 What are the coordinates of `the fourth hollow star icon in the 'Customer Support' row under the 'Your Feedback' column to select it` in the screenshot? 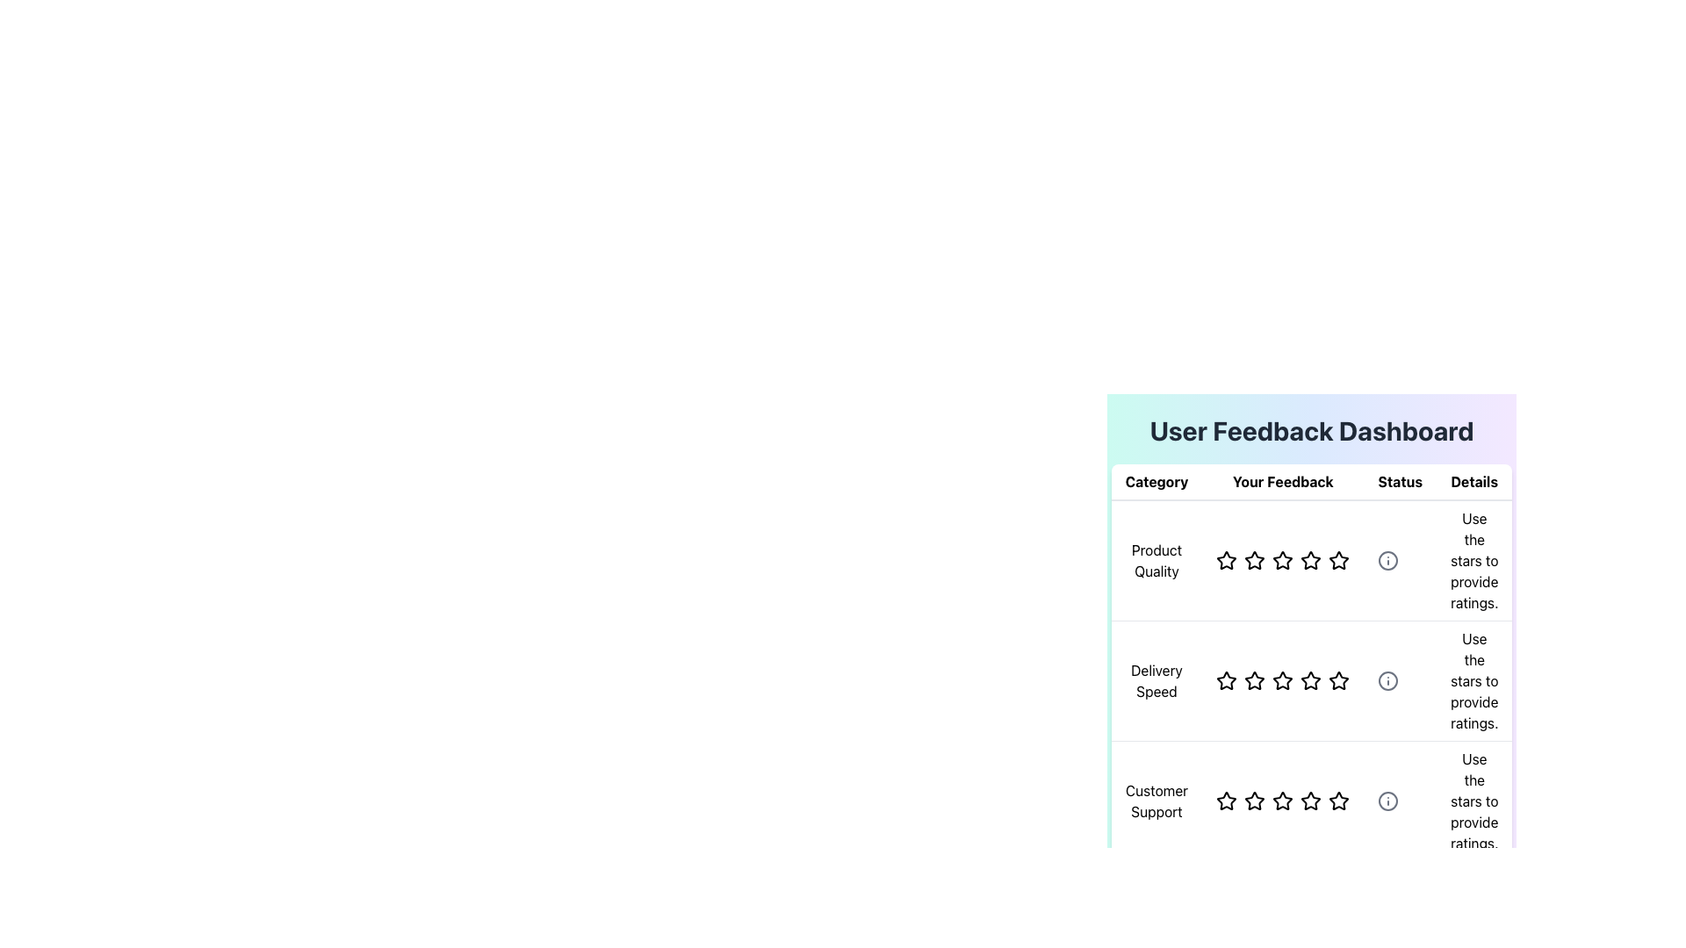 It's located at (1311, 801).